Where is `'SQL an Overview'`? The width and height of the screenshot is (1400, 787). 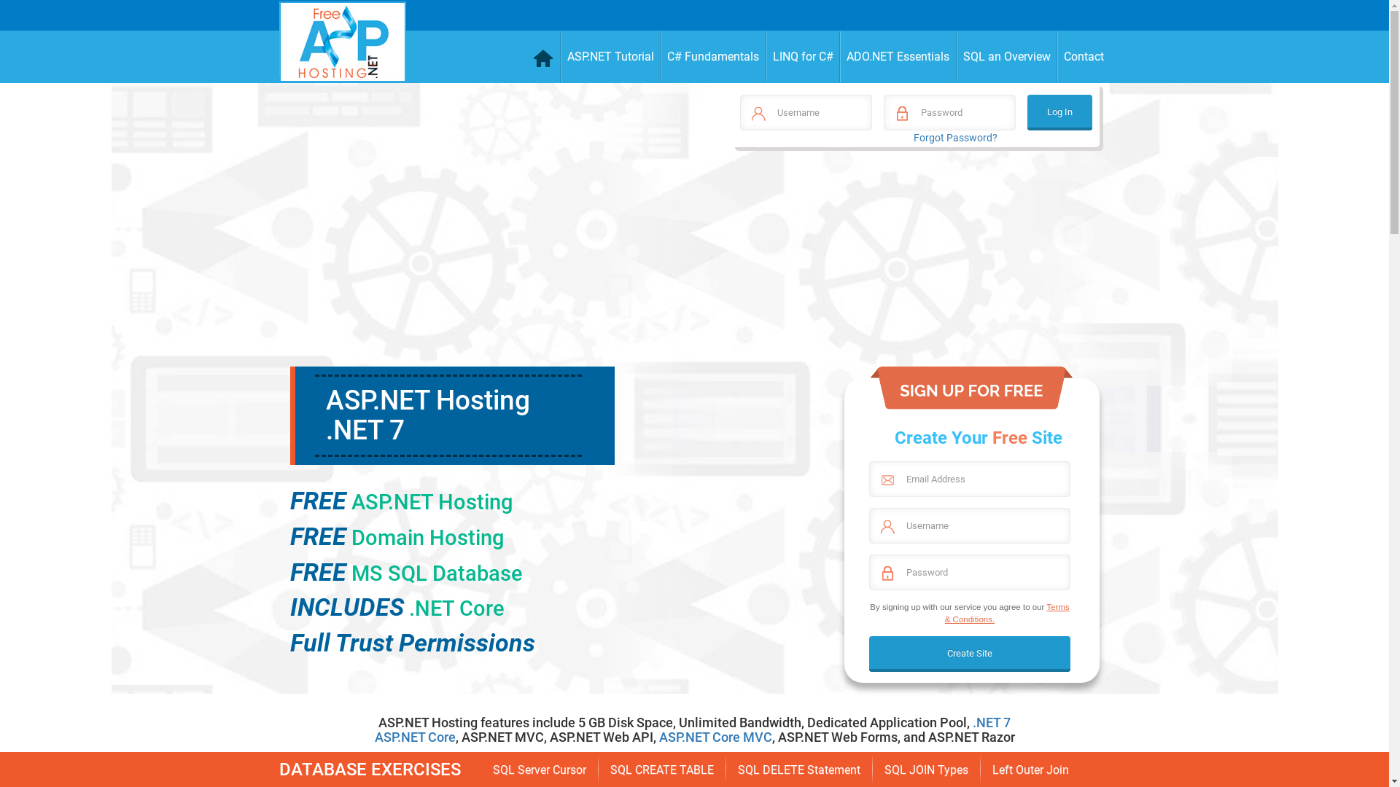 'SQL an Overview' is located at coordinates (1006, 55).